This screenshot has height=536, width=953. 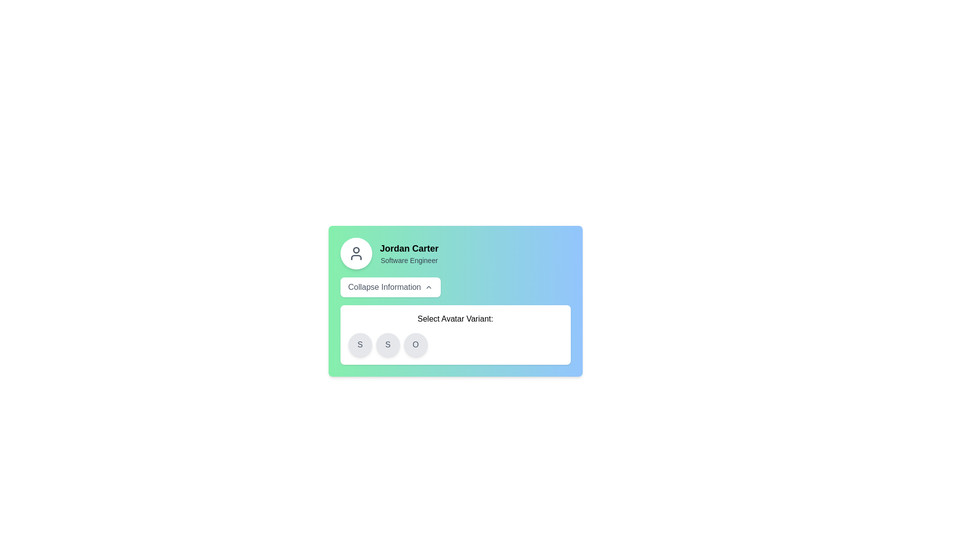 I want to click on the Text Label displaying 'Jordan Carter', which is styled with a larger font and bold formatting, and is centrally located in the profile section above the text 'Software Engineer', so click(x=409, y=248).